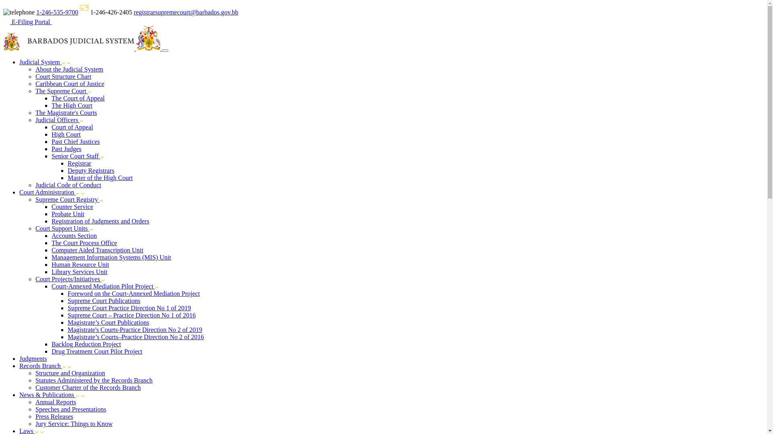  I want to click on 'Court Projects/Initiatives', so click(35, 278).